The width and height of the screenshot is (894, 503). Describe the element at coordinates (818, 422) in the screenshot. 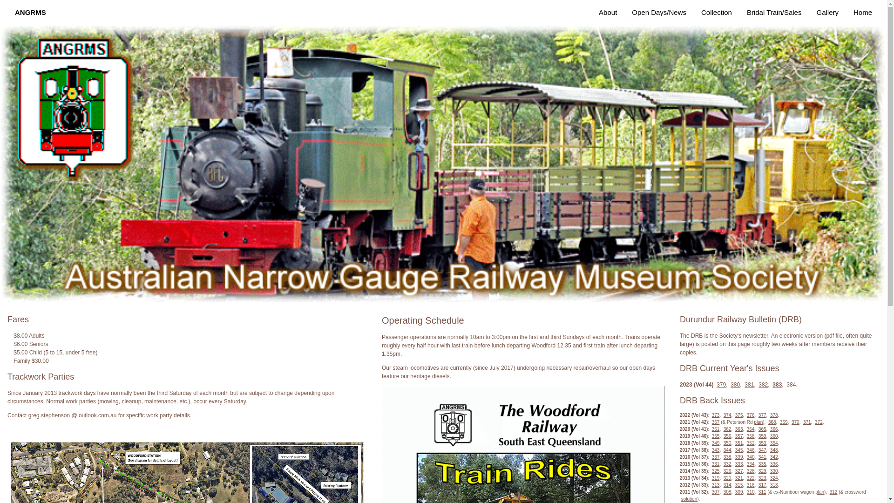

I see `'372'` at that location.